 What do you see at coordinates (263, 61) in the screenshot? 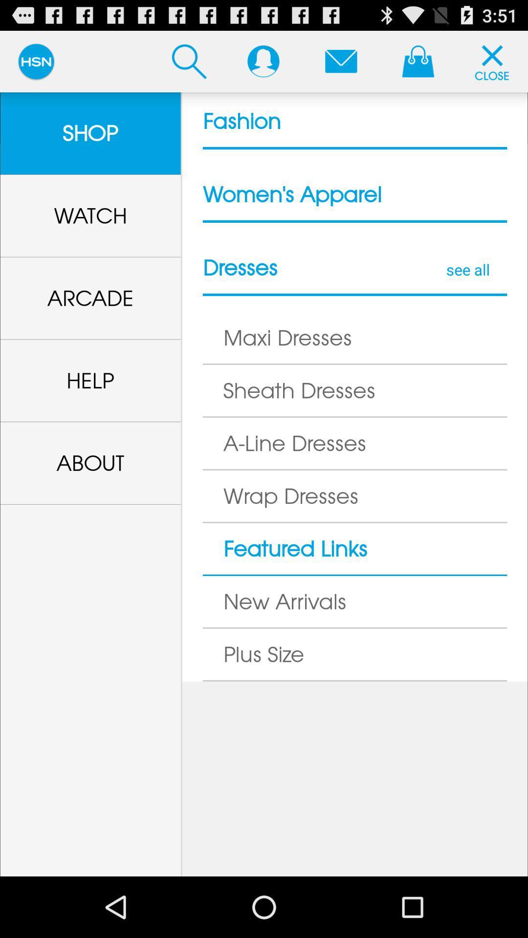
I see `profile` at bounding box center [263, 61].